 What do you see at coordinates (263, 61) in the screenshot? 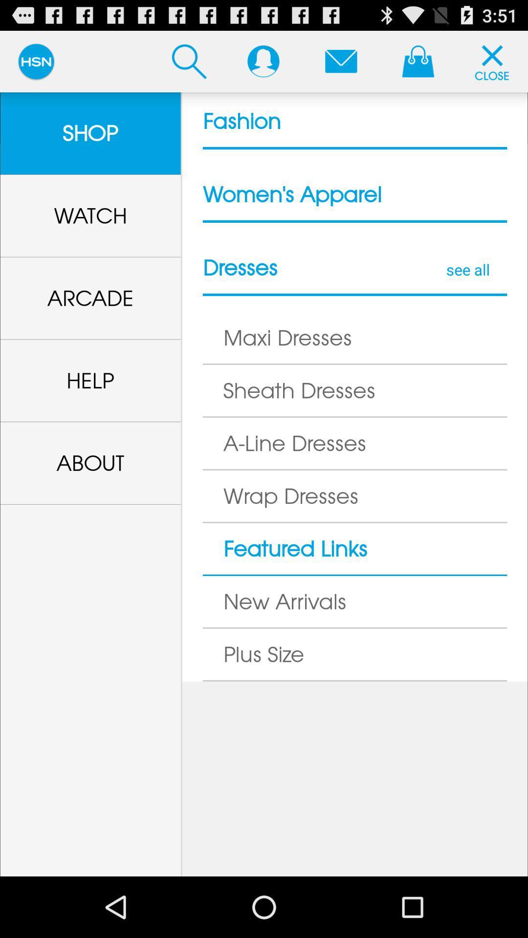
I see `profile` at bounding box center [263, 61].